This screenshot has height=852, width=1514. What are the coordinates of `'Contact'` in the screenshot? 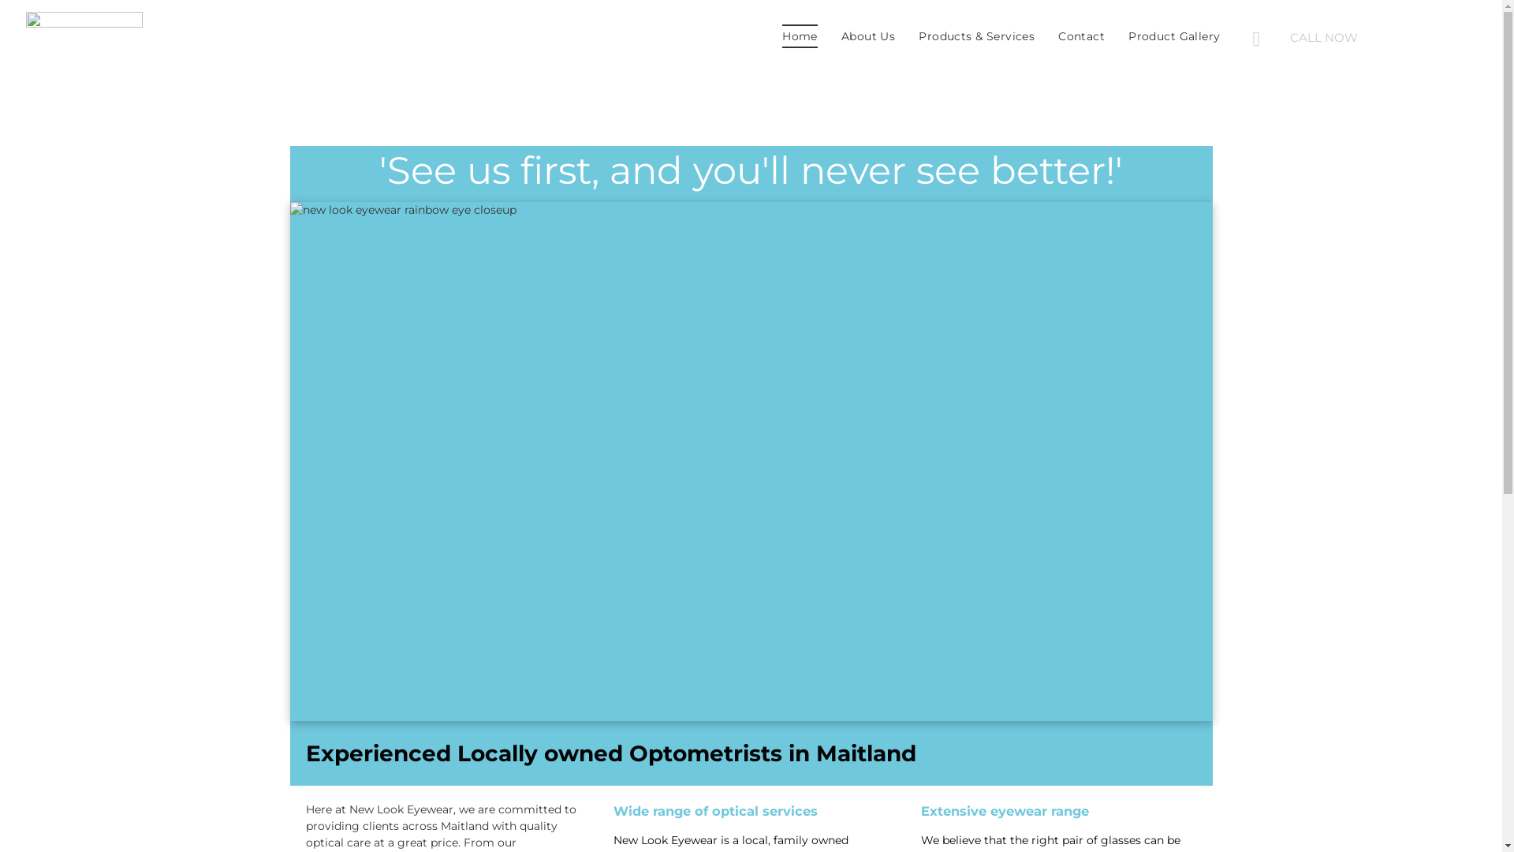 It's located at (1080, 35).